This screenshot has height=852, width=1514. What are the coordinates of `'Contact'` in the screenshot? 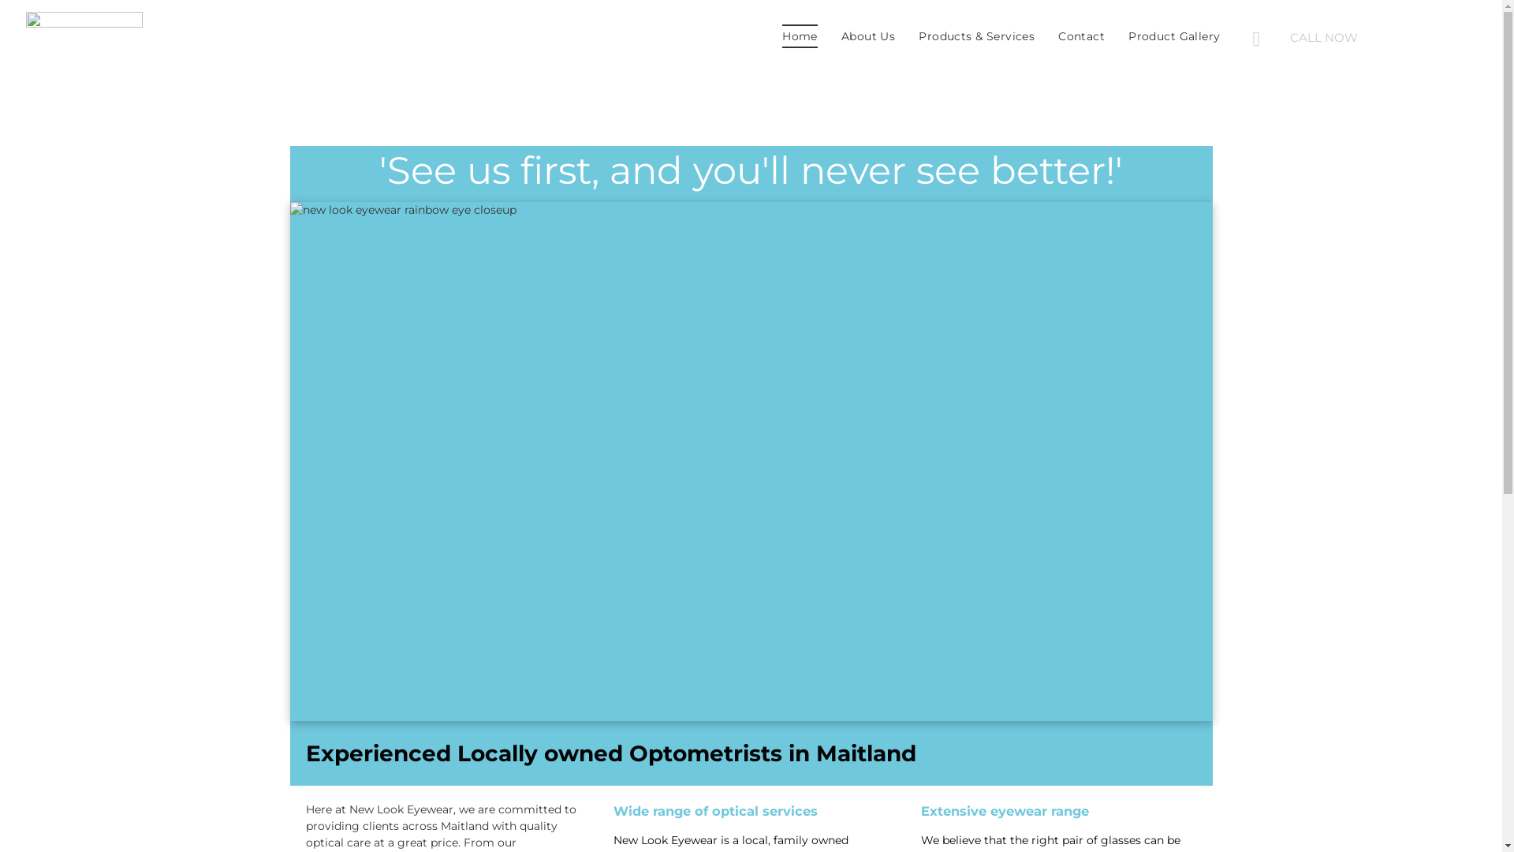 It's located at (1080, 35).